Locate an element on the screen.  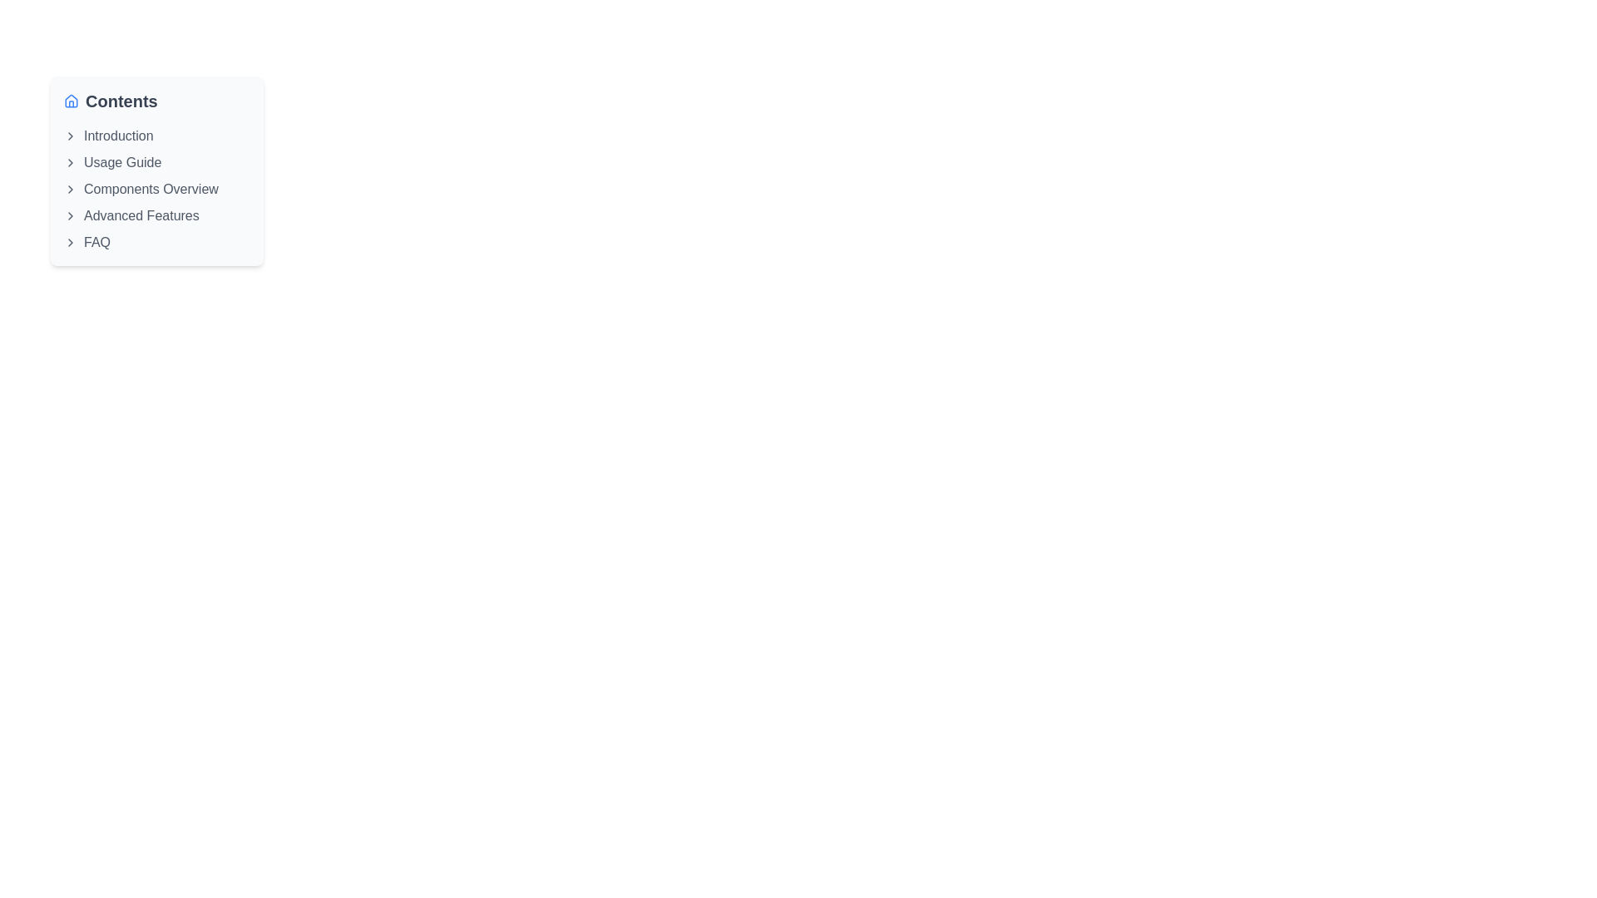
the minimalistic blue house icon located in the sidebar above the 'Contents' label is located at coordinates (71, 100).